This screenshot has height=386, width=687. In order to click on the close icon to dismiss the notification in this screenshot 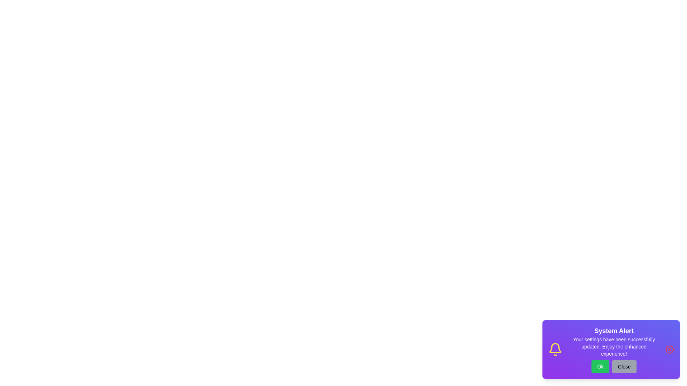, I will do `click(669, 349)`.